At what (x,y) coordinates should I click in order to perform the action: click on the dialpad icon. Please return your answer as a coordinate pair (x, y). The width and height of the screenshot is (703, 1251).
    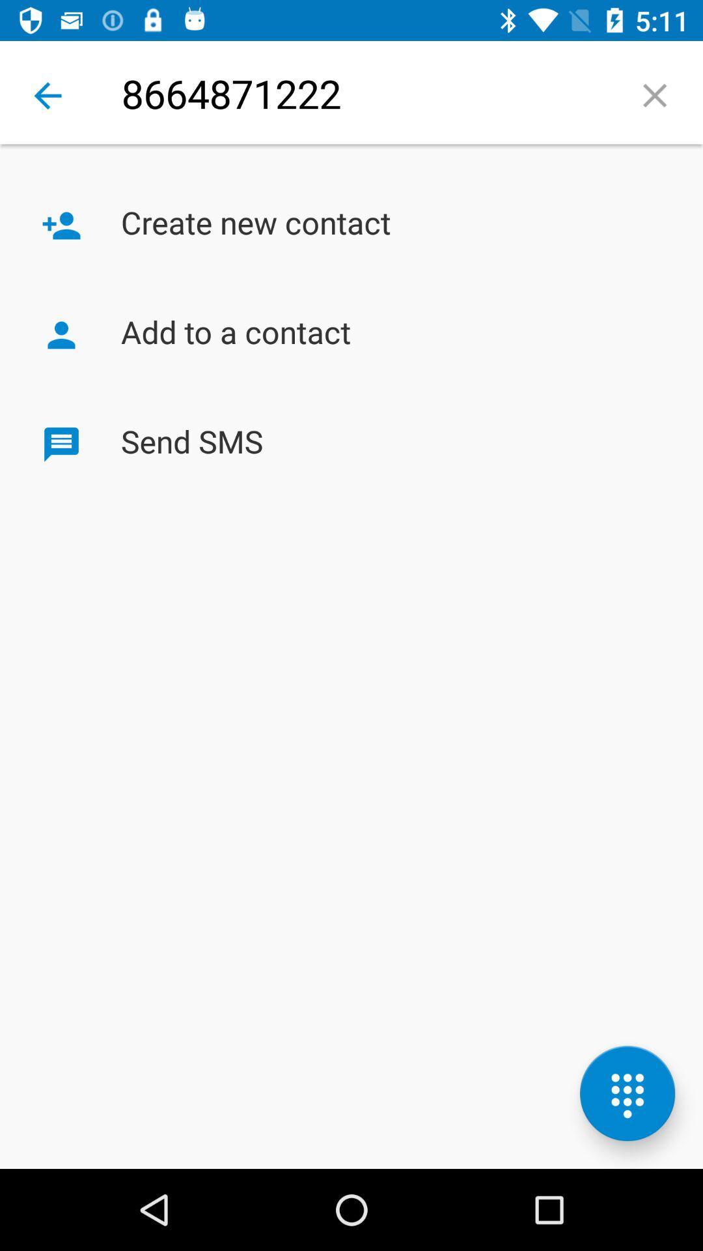
    Looking at the image, I should click on (627, 1093).